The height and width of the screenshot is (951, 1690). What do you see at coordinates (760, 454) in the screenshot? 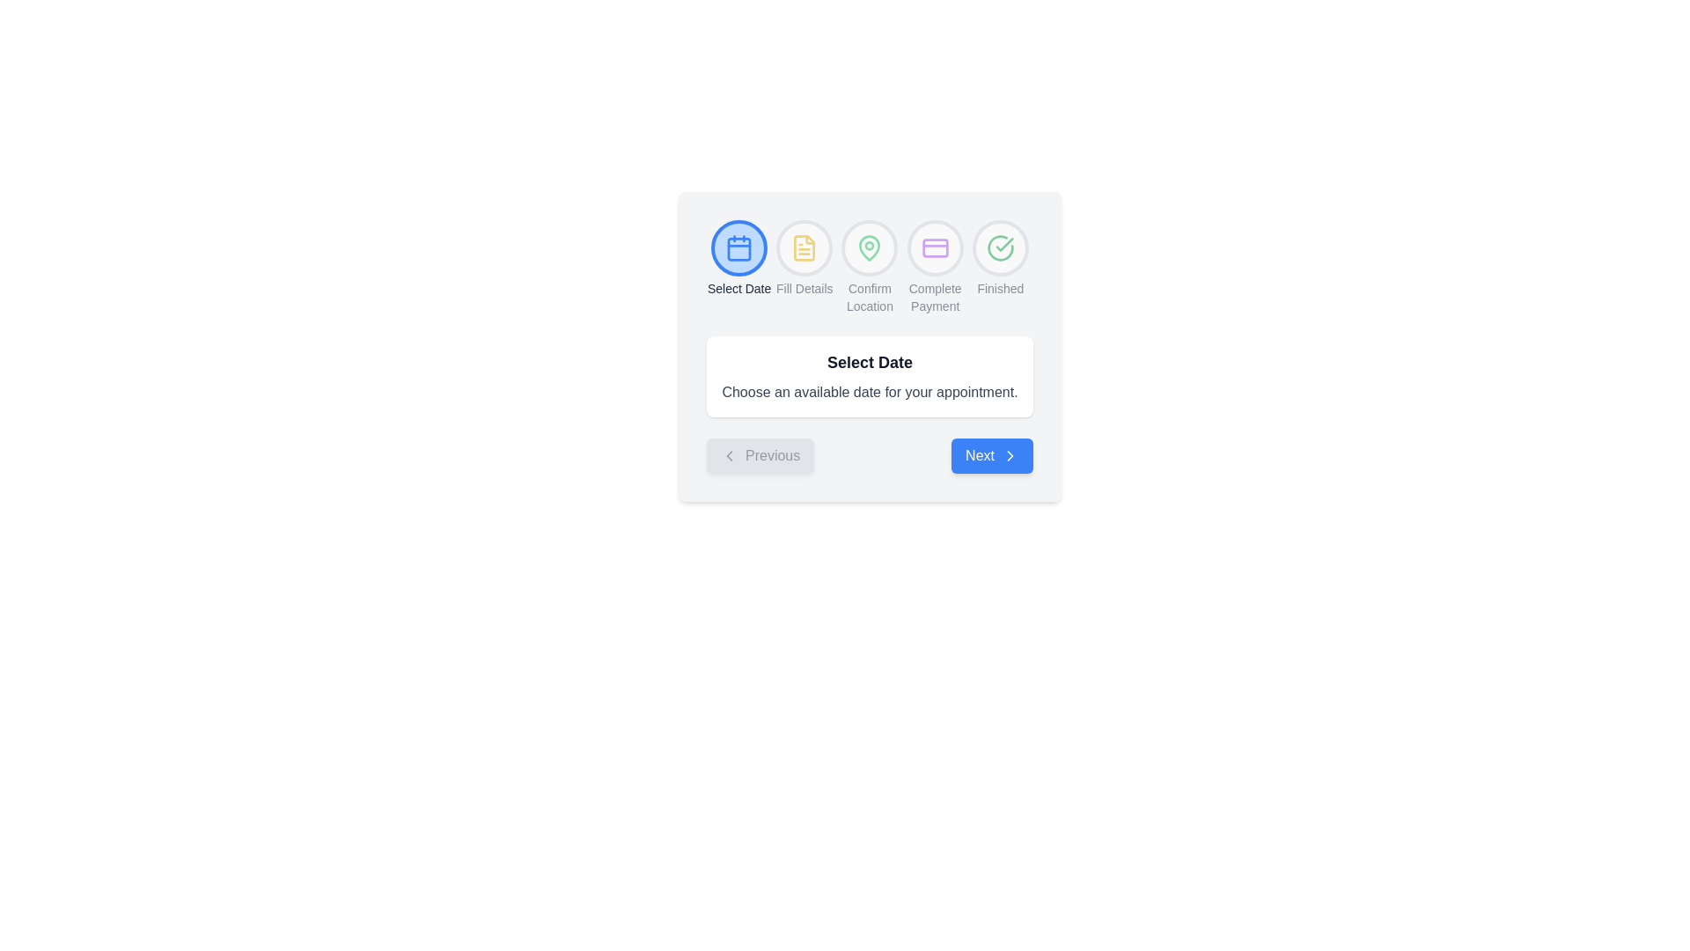
I see `the 'Previous' button, which has a light gray background, rounded corners, and contains a left-pointing chevron icon` at bounding box center [760, 454].